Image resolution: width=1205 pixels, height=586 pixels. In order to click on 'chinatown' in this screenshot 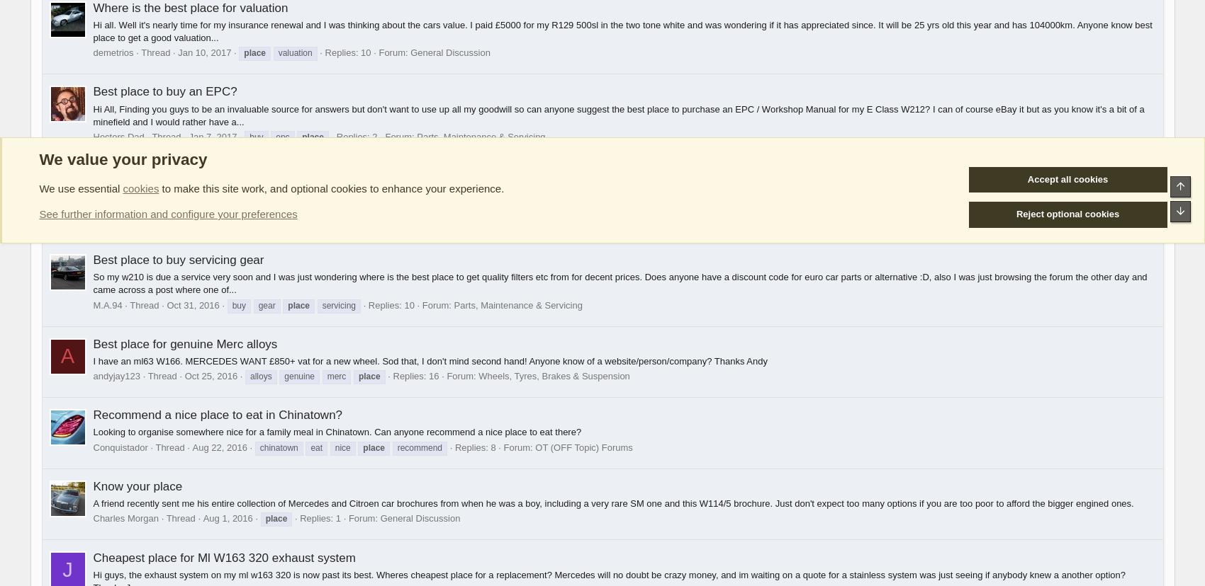, I will do `click(278, 447)`.